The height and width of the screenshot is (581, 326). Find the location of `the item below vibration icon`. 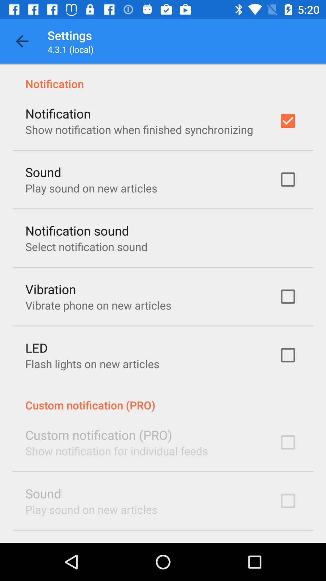

the item below vibration icon is located at coordinates (98, 305).